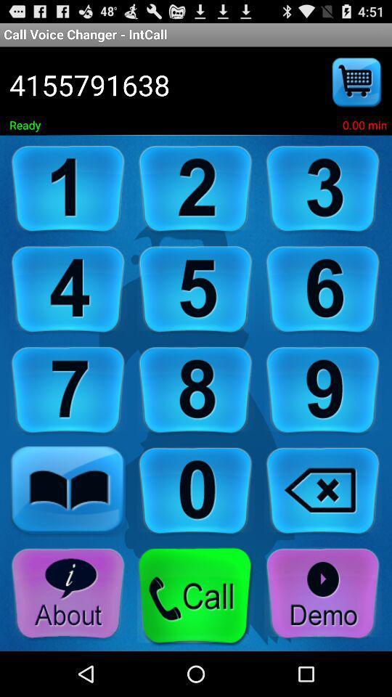 The height and width of the screenshot is (697, 392). I want to click on number option, so click(195, 492).